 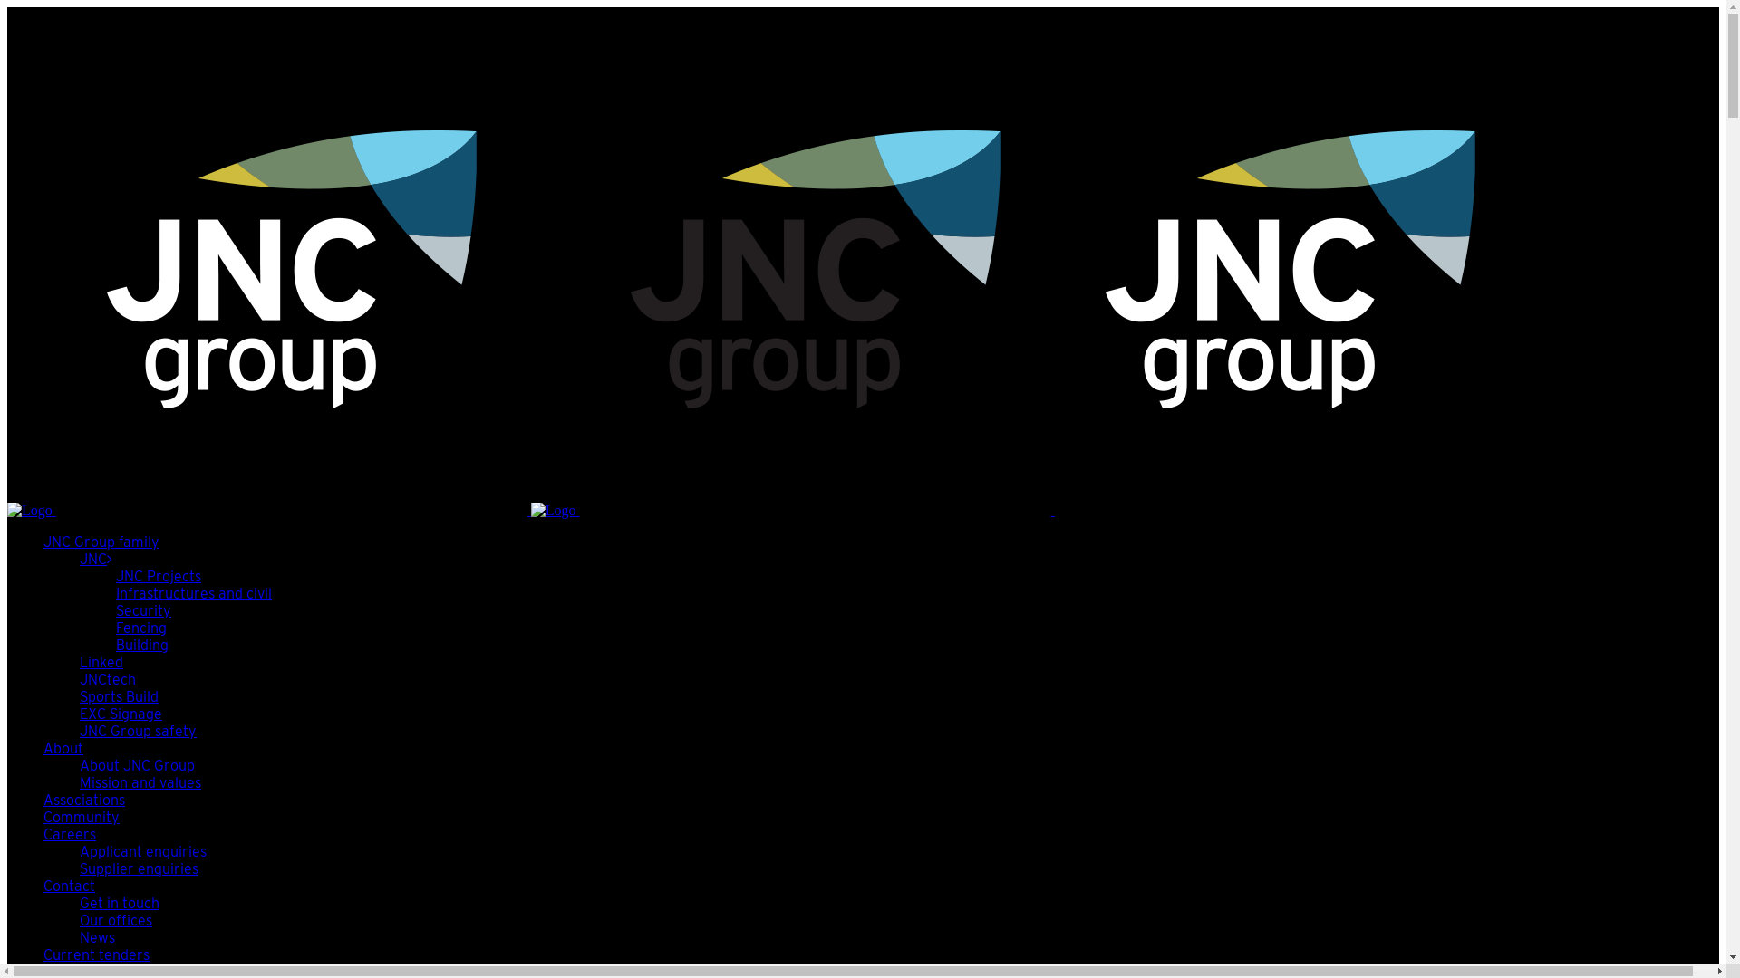 I want to click on 'JNC Group safety', so click(x=137, y=730).